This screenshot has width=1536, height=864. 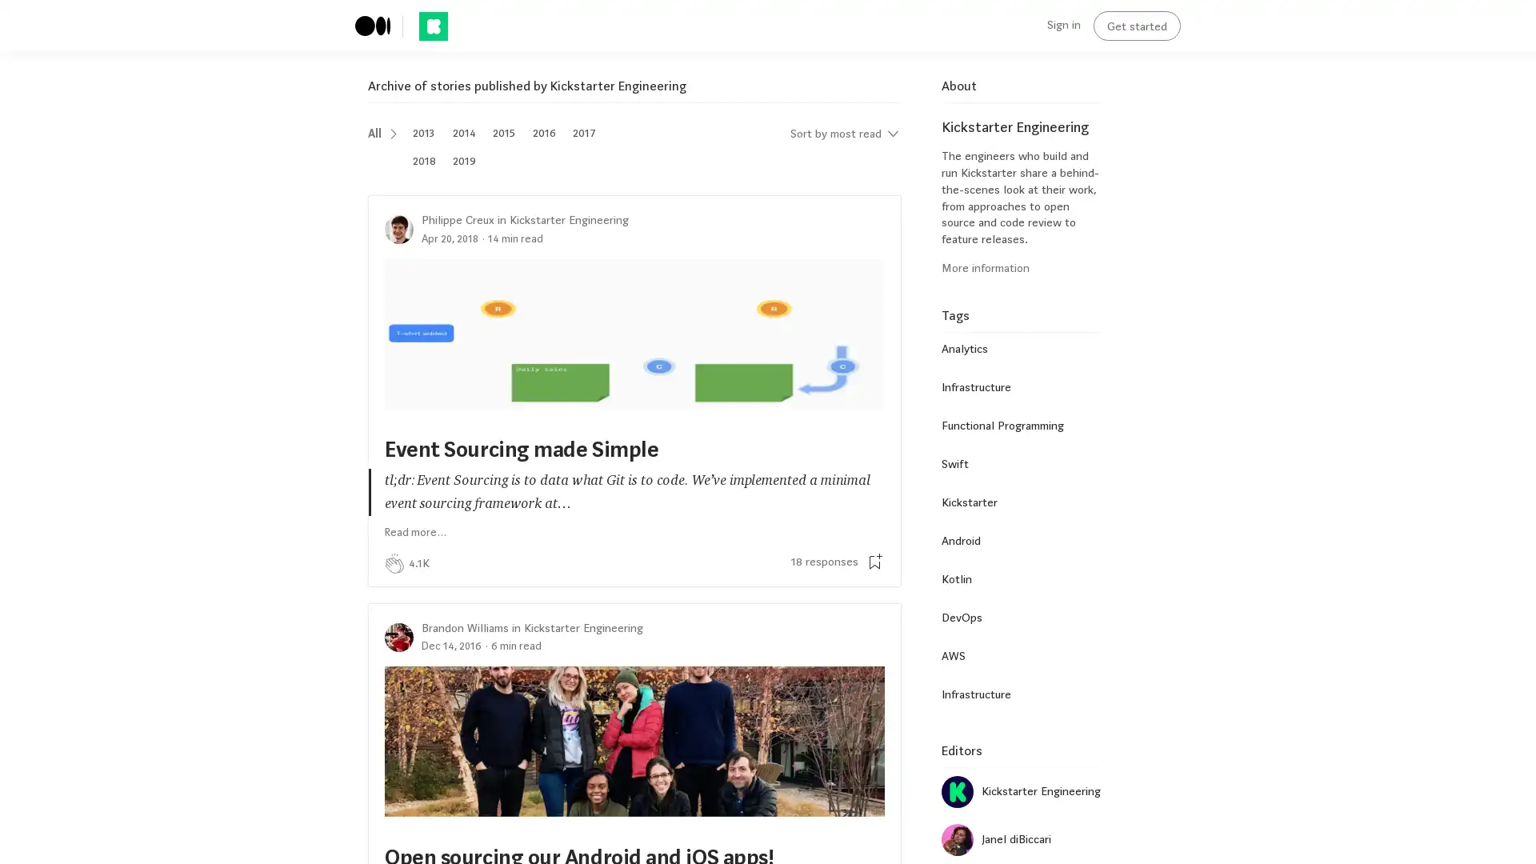 I want to click on Clap, so click(x=394, y=563).